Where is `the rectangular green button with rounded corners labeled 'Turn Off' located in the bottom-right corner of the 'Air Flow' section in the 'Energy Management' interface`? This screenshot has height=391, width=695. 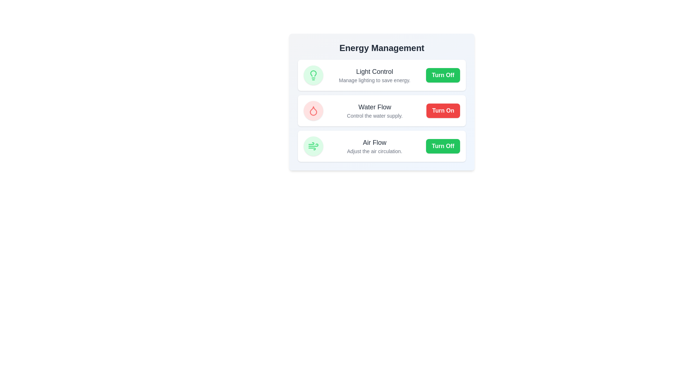 the rectangular green button with rounded corners labeled 'Turn Off' located in the bottom-right corner of the 'Air Flow' section in the 'Energy Management' interface is located at coordinates (443, 146).